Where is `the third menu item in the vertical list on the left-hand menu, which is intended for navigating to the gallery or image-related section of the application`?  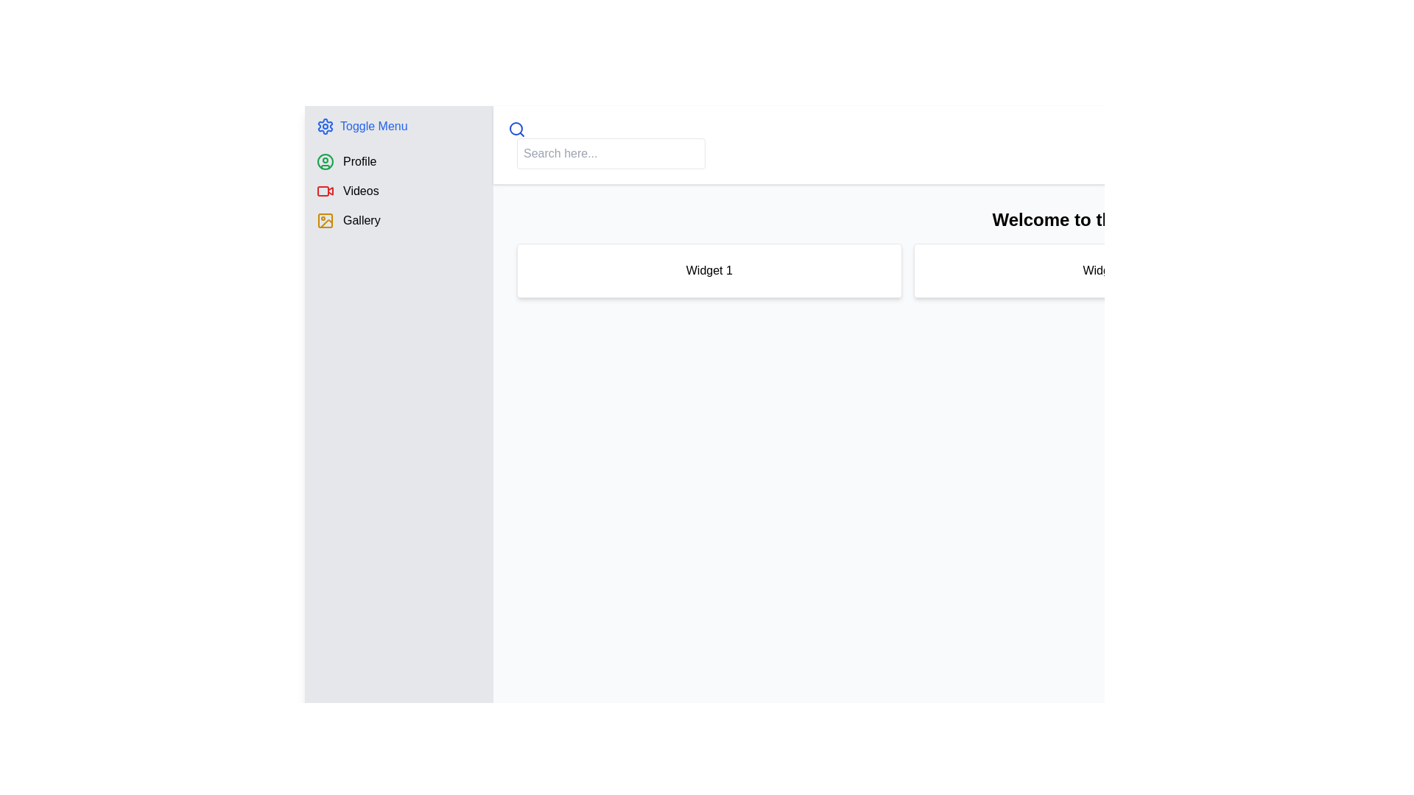
the third menu item in the vertical list on the left-hand menu, which is intended for navigating to the gallery or image-related section of the application is located at coordinates (399, 221).